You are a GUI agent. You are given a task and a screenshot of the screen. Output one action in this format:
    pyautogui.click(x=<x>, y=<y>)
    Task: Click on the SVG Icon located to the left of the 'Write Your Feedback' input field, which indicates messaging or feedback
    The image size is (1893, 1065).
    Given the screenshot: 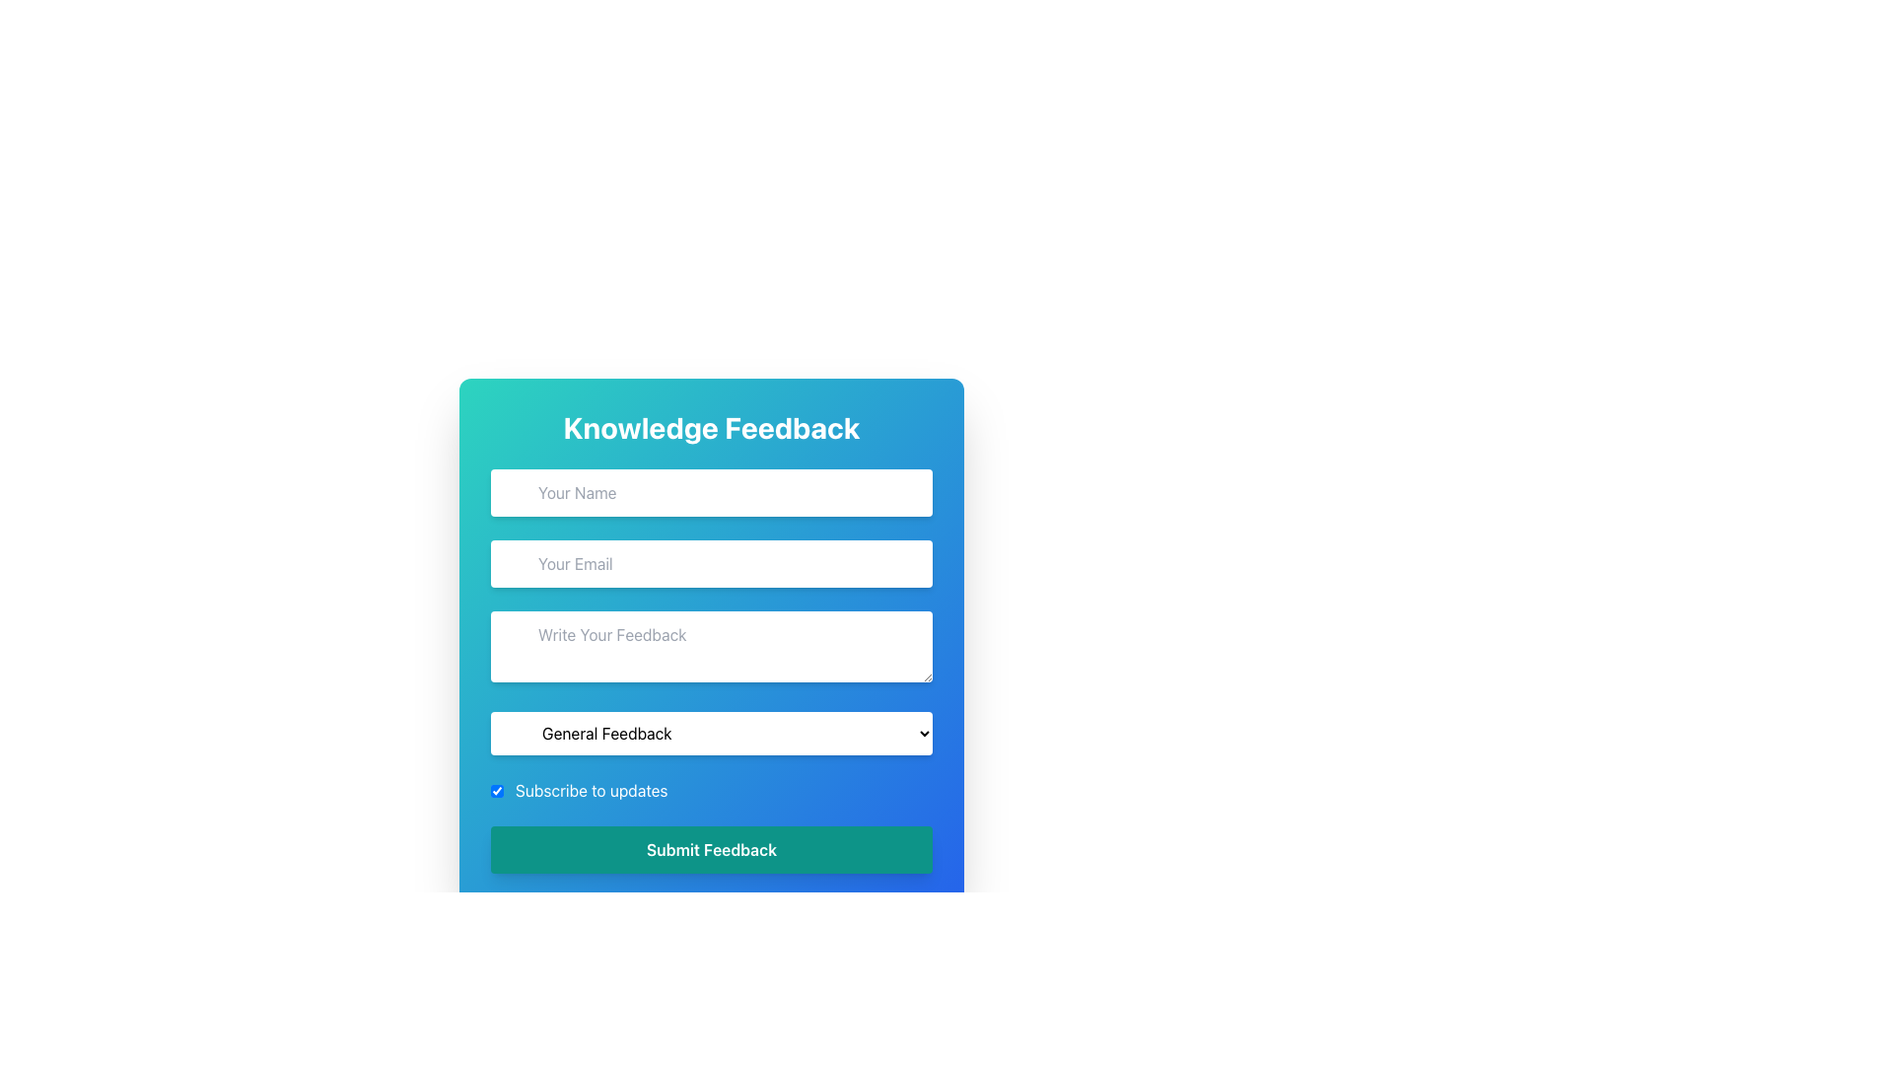 What is the action you would take?
    pyautogui.click(x=512, y=628)
    